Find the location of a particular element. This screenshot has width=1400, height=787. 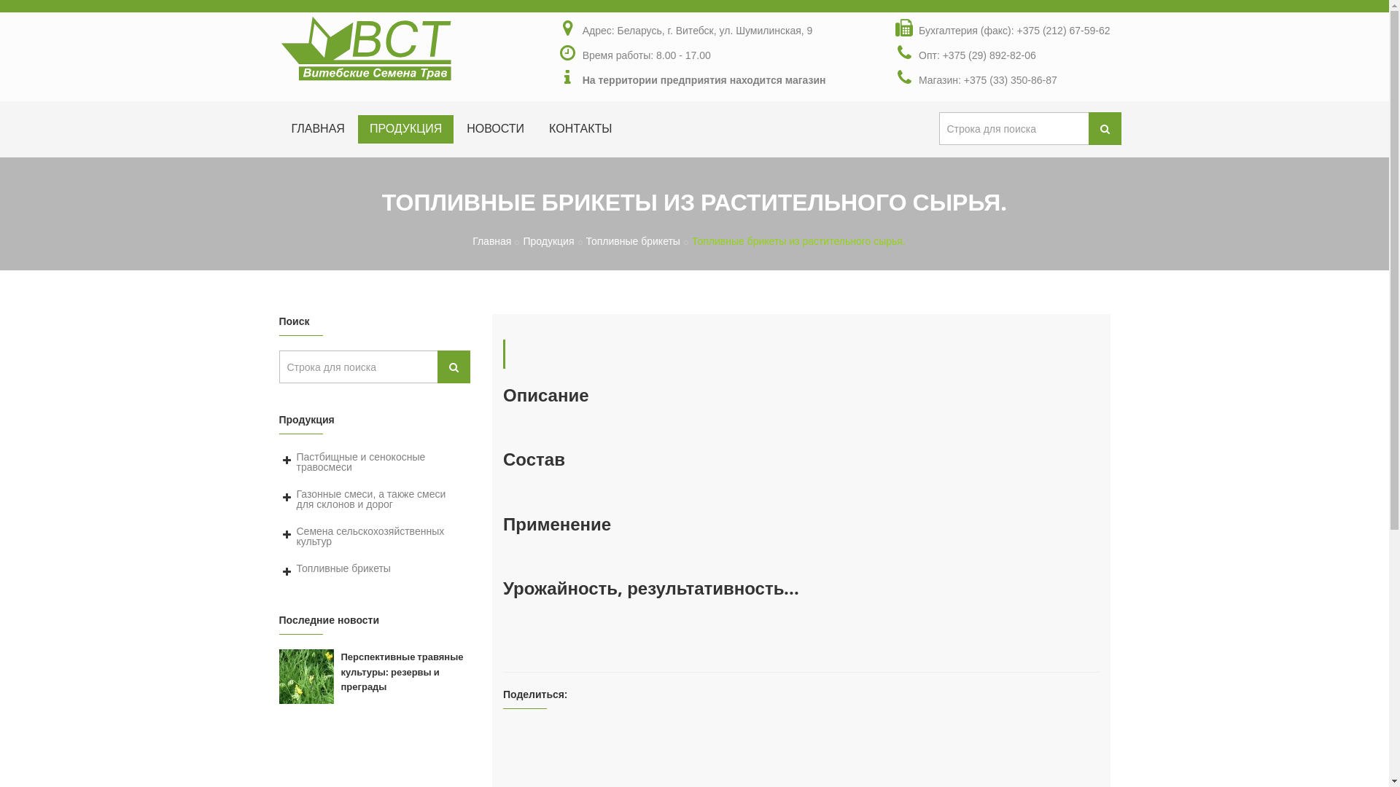

'+375 (212) 67-59-62' is located at coordinates (1063, 31).